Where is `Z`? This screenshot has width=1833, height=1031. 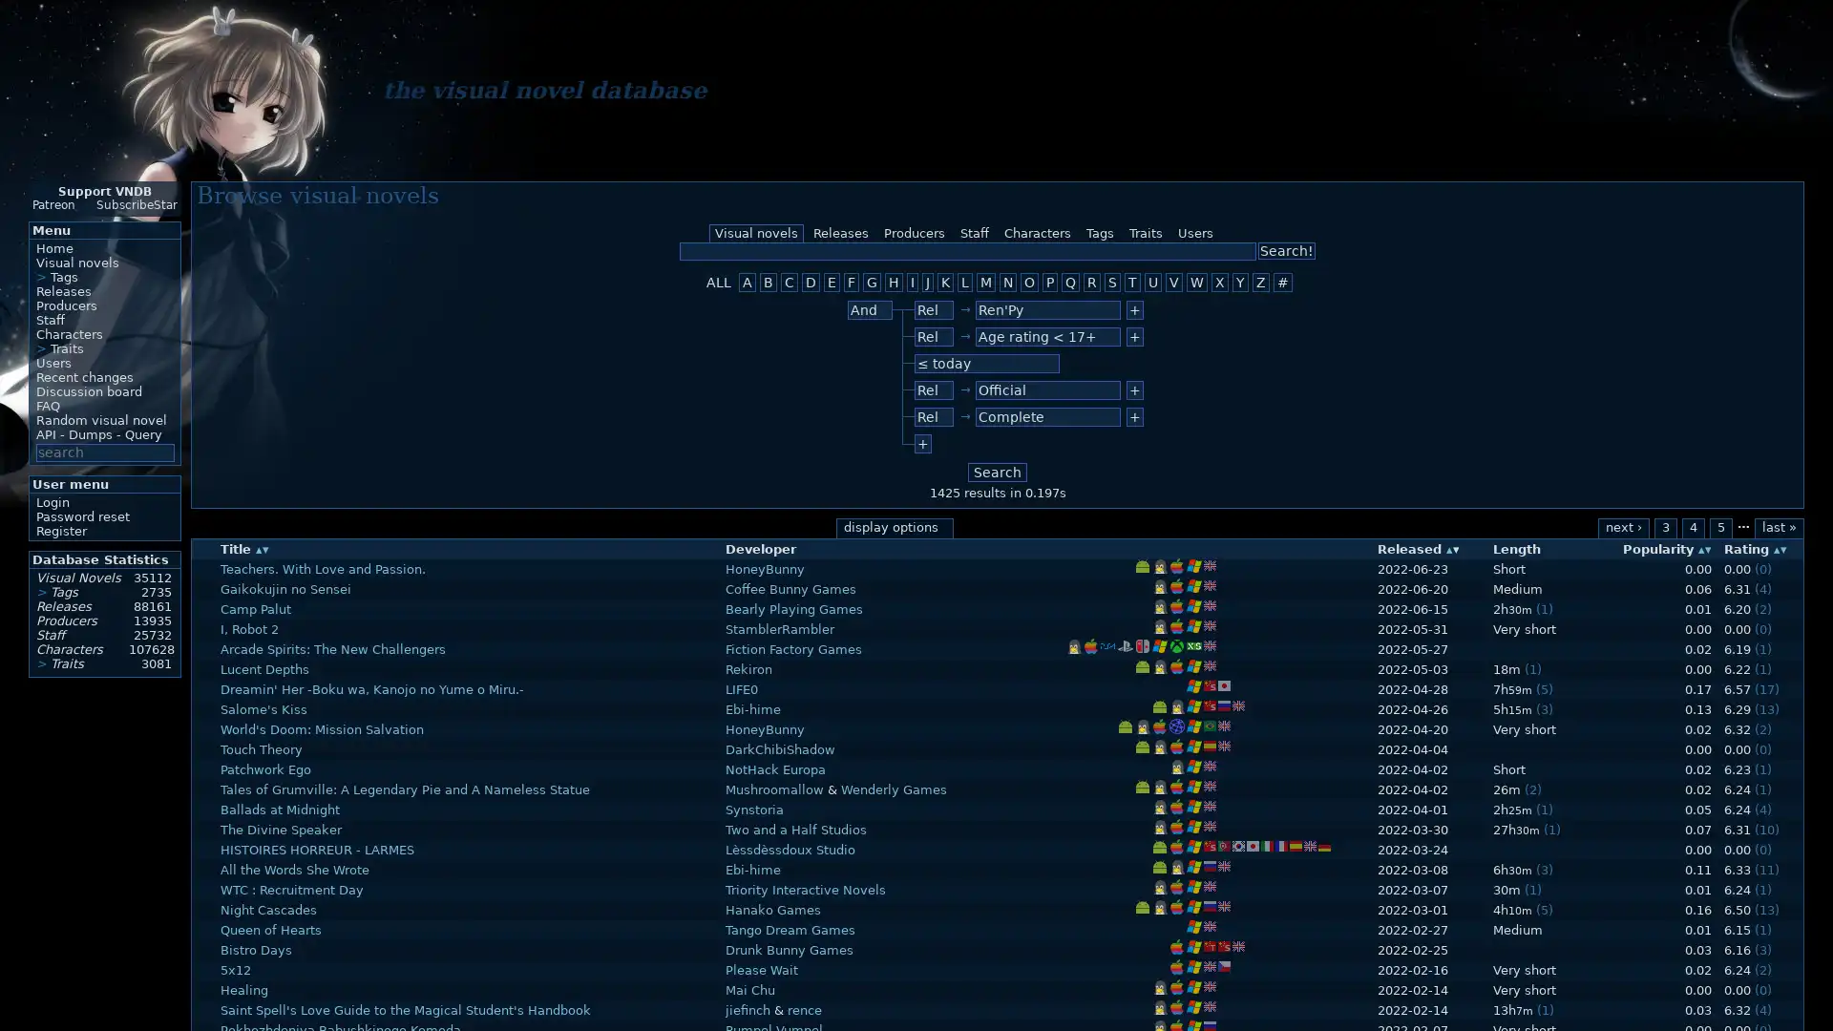
Z is located at coordinates (1260, 283).